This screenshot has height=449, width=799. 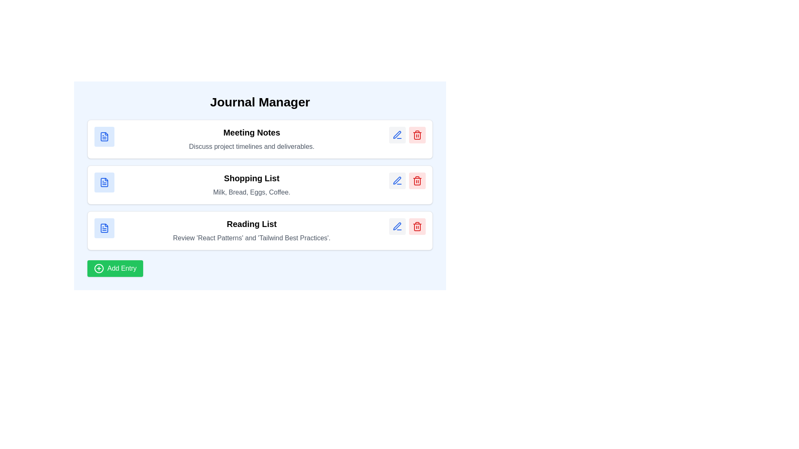 What do you see at coordinates (104, 182) in the screenshot?
I see `the file/document icon located in the top-left corner of the 'Shopping List' card` at bounding box center [104, 182].